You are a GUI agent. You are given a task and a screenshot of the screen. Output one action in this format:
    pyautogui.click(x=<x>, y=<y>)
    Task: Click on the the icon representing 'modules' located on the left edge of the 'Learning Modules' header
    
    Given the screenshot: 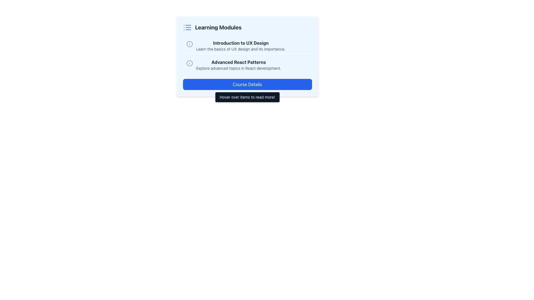 What is the action you would take?
    pyautogui.click(x=187, y=27)
    